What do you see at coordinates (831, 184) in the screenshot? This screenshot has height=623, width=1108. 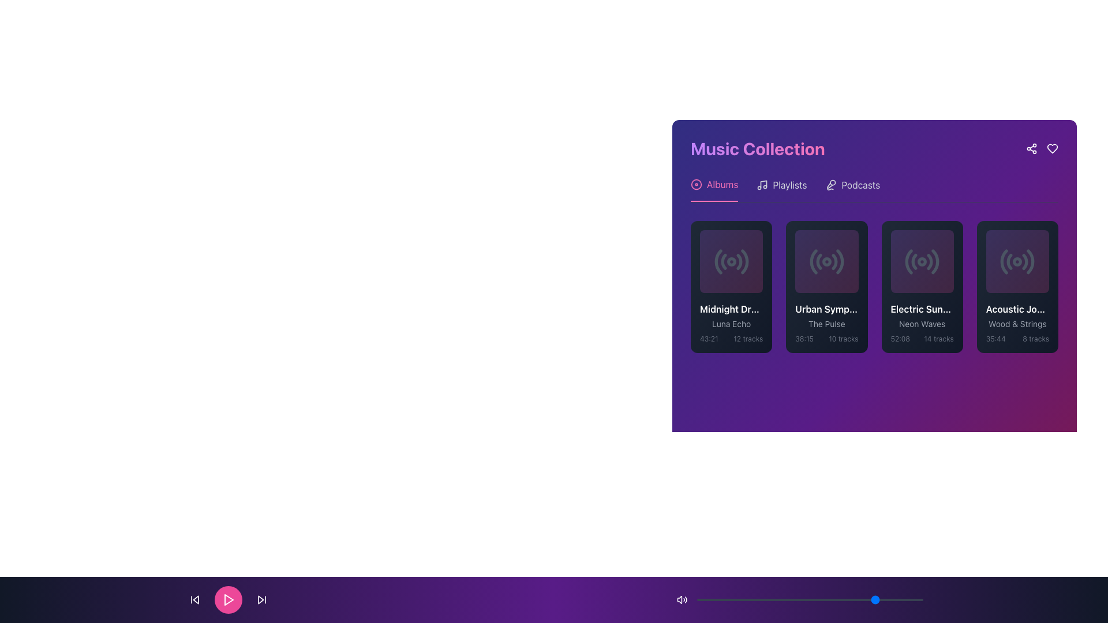 I see `the small, circular microphone icon in the Podcasts section of the navigation menu` at bounding box center [831, 184].